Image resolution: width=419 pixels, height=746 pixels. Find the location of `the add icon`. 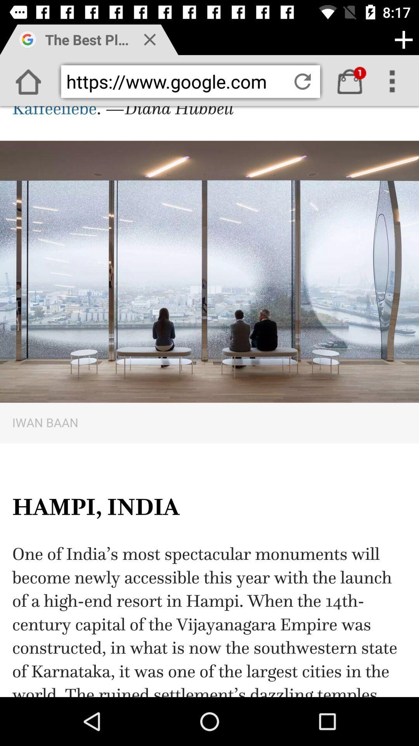

the add icon is located at coordinates (403, 39).